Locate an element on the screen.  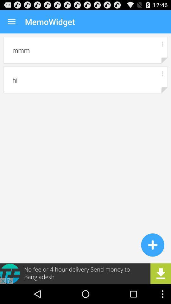
menu button is located at coordinates (162, 43).